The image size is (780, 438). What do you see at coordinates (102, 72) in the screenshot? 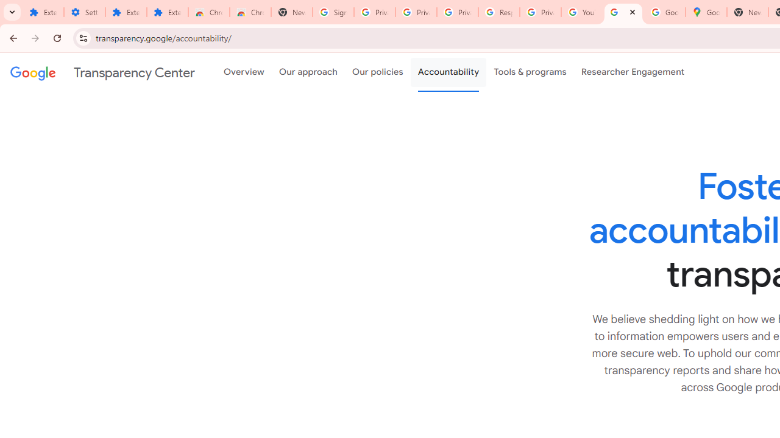
I see `'Transparency Center'` at bounding box center [102, 72].